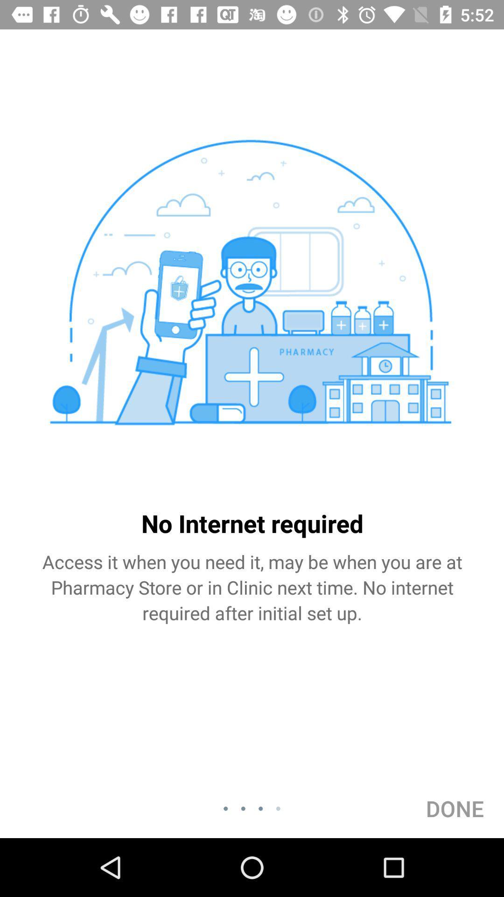 The height and width of the screenshot is (897, 504). Describe the element at coordinates (455, 808) in the screenshot. I see `item at the bottom right corner` at that location.